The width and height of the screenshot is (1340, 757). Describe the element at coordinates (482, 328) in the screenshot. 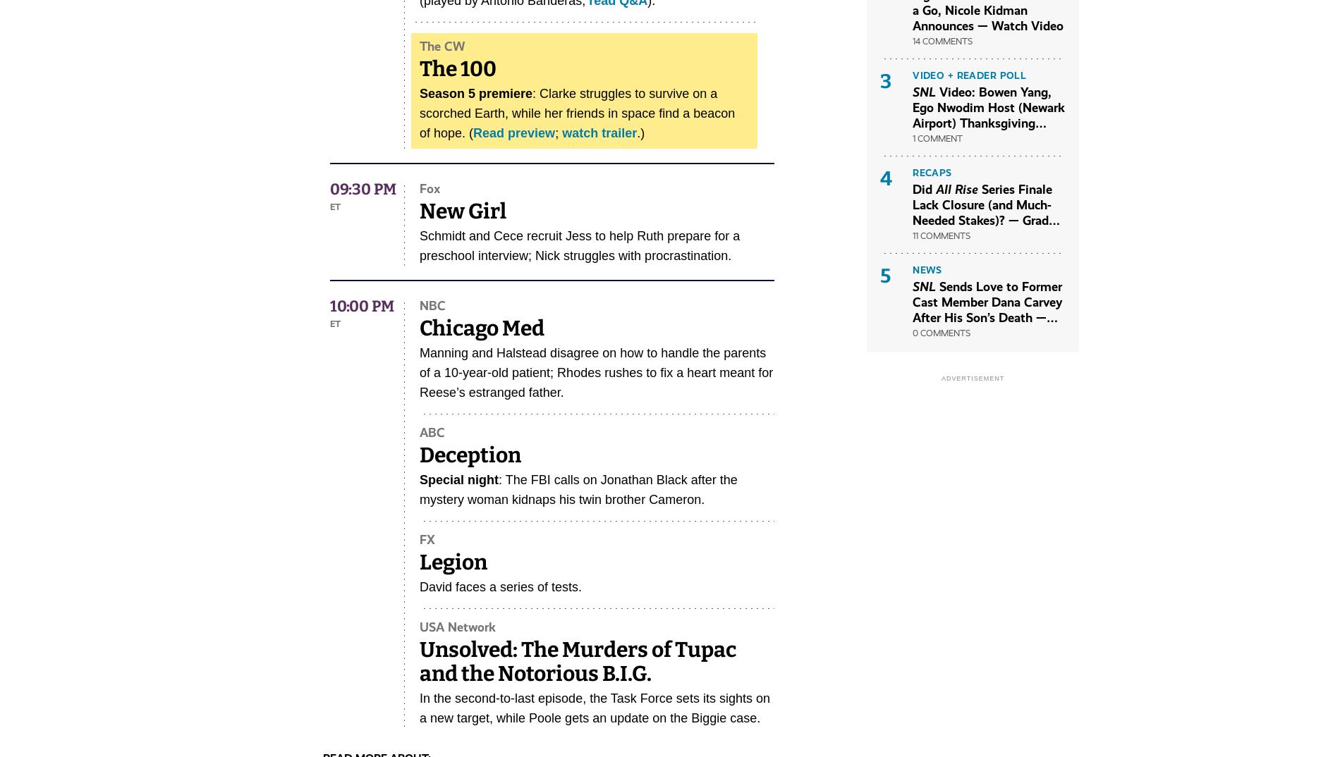

I see `'Chicago Med'` at that location.